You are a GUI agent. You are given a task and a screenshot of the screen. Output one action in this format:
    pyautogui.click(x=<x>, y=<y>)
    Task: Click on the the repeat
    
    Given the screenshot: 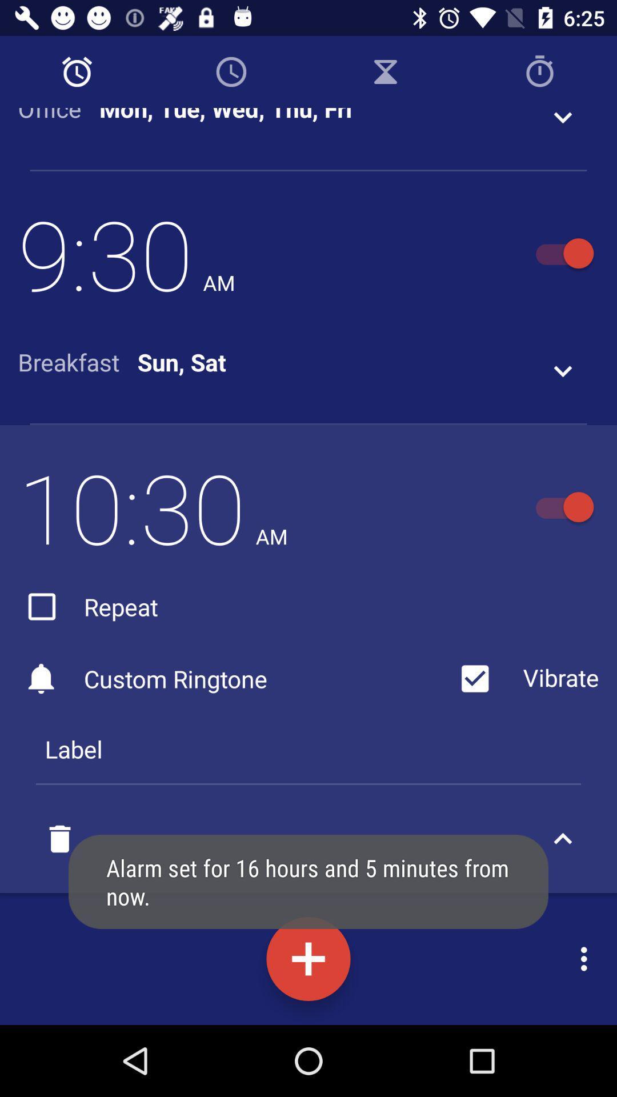 What is the action you would take?
    pyautogui.click(x=87, y=606)
    